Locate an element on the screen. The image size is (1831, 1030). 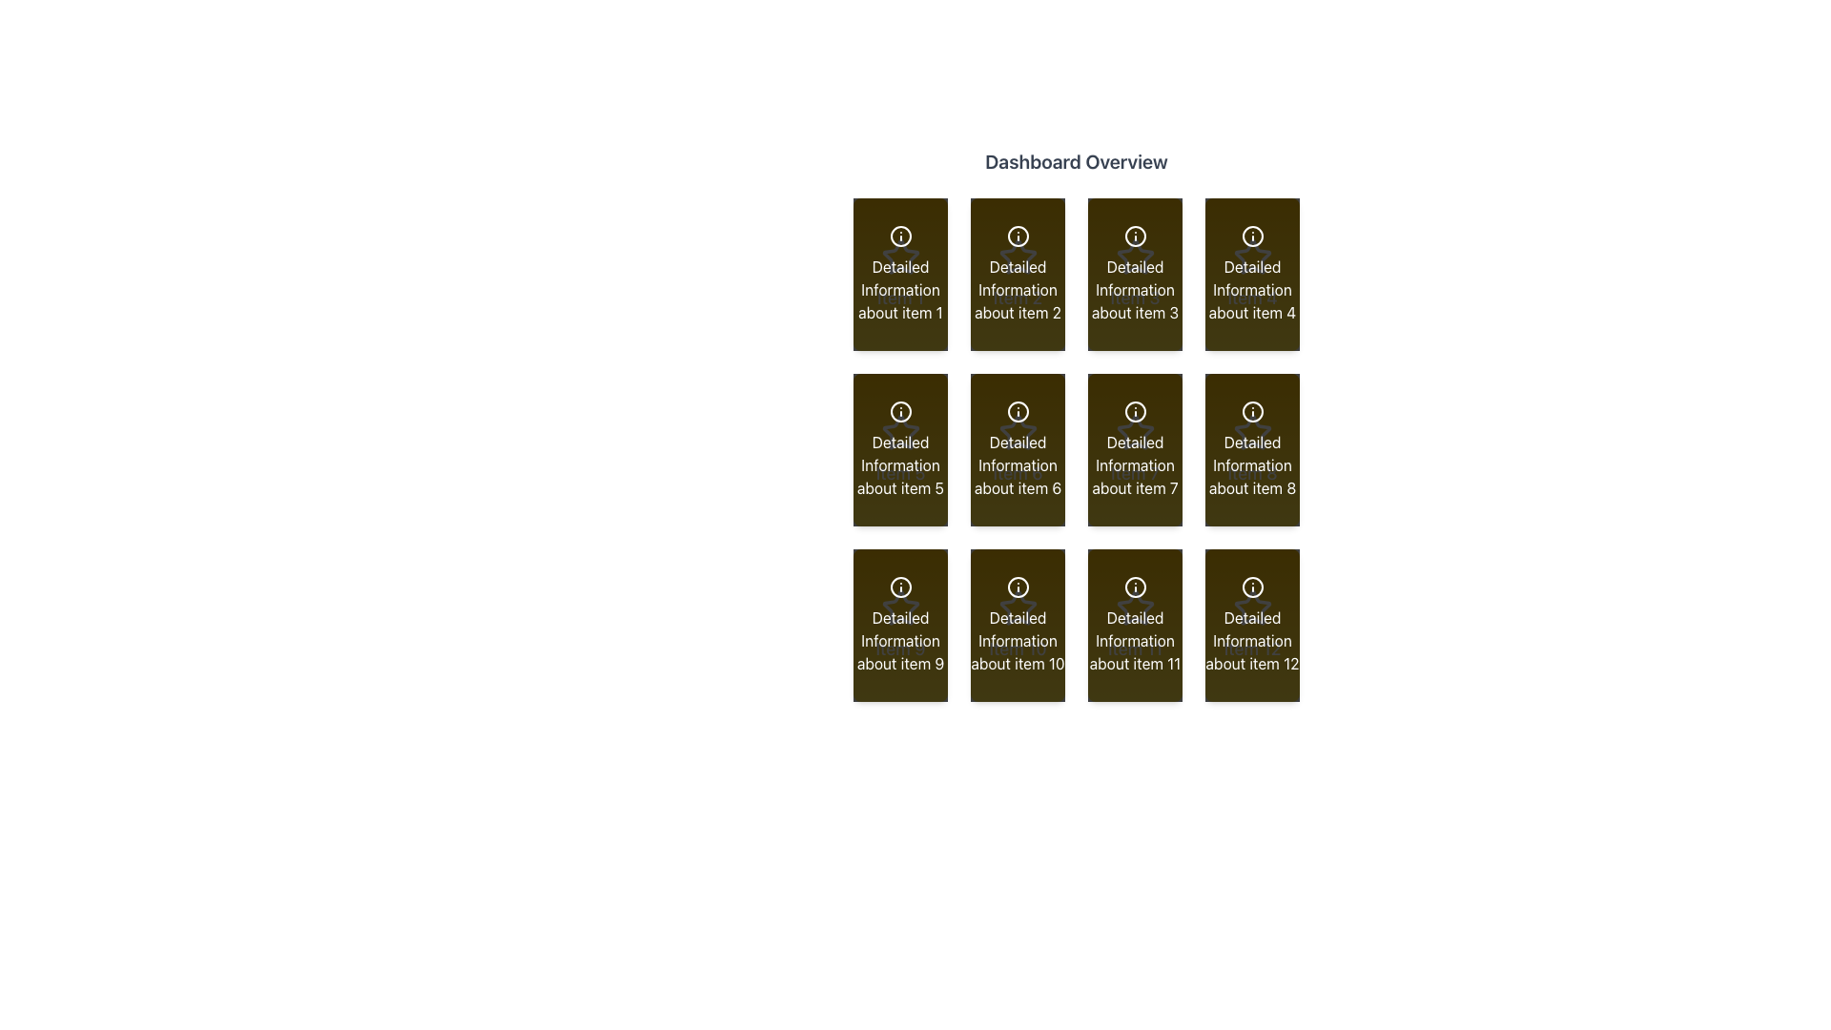
the Tile displaying information about 'Item 6' located in the second row and second column of a 4x3 grid layout is located at coordinates (1017, 449).